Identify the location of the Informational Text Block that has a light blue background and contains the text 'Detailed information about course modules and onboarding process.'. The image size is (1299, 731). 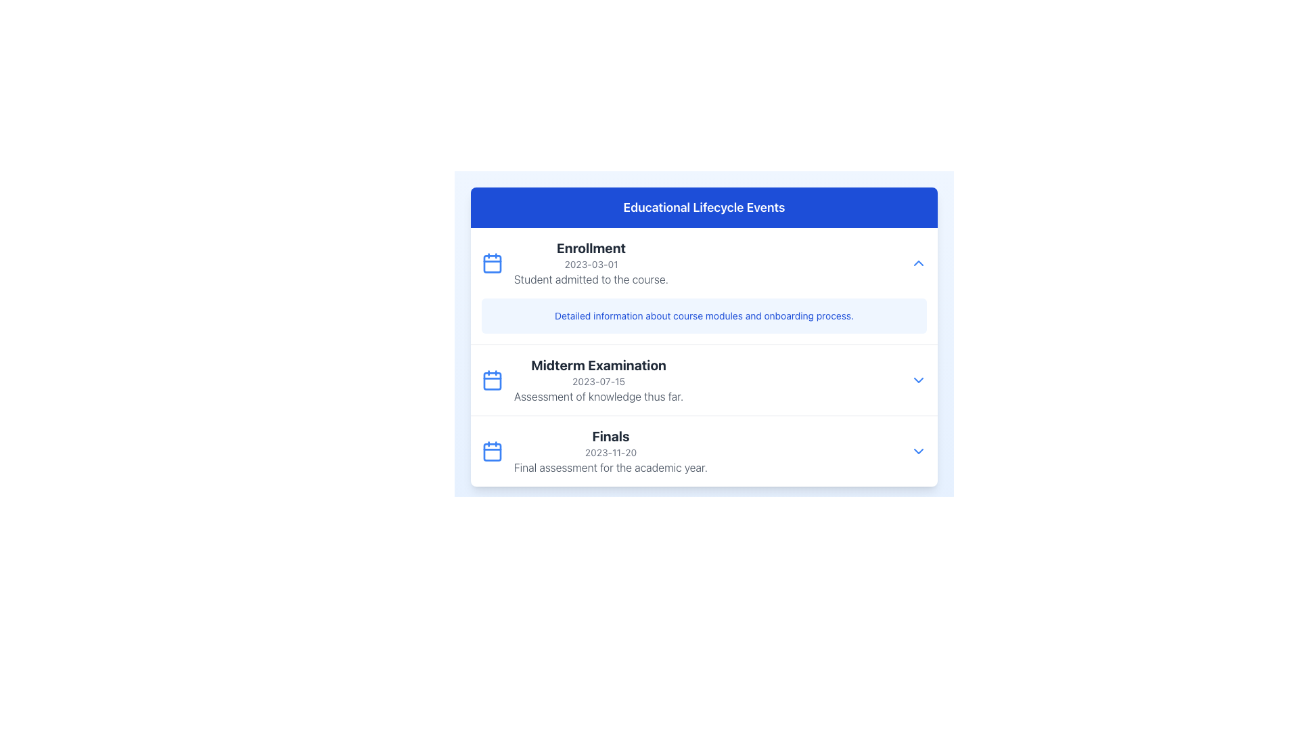
(704, 315).